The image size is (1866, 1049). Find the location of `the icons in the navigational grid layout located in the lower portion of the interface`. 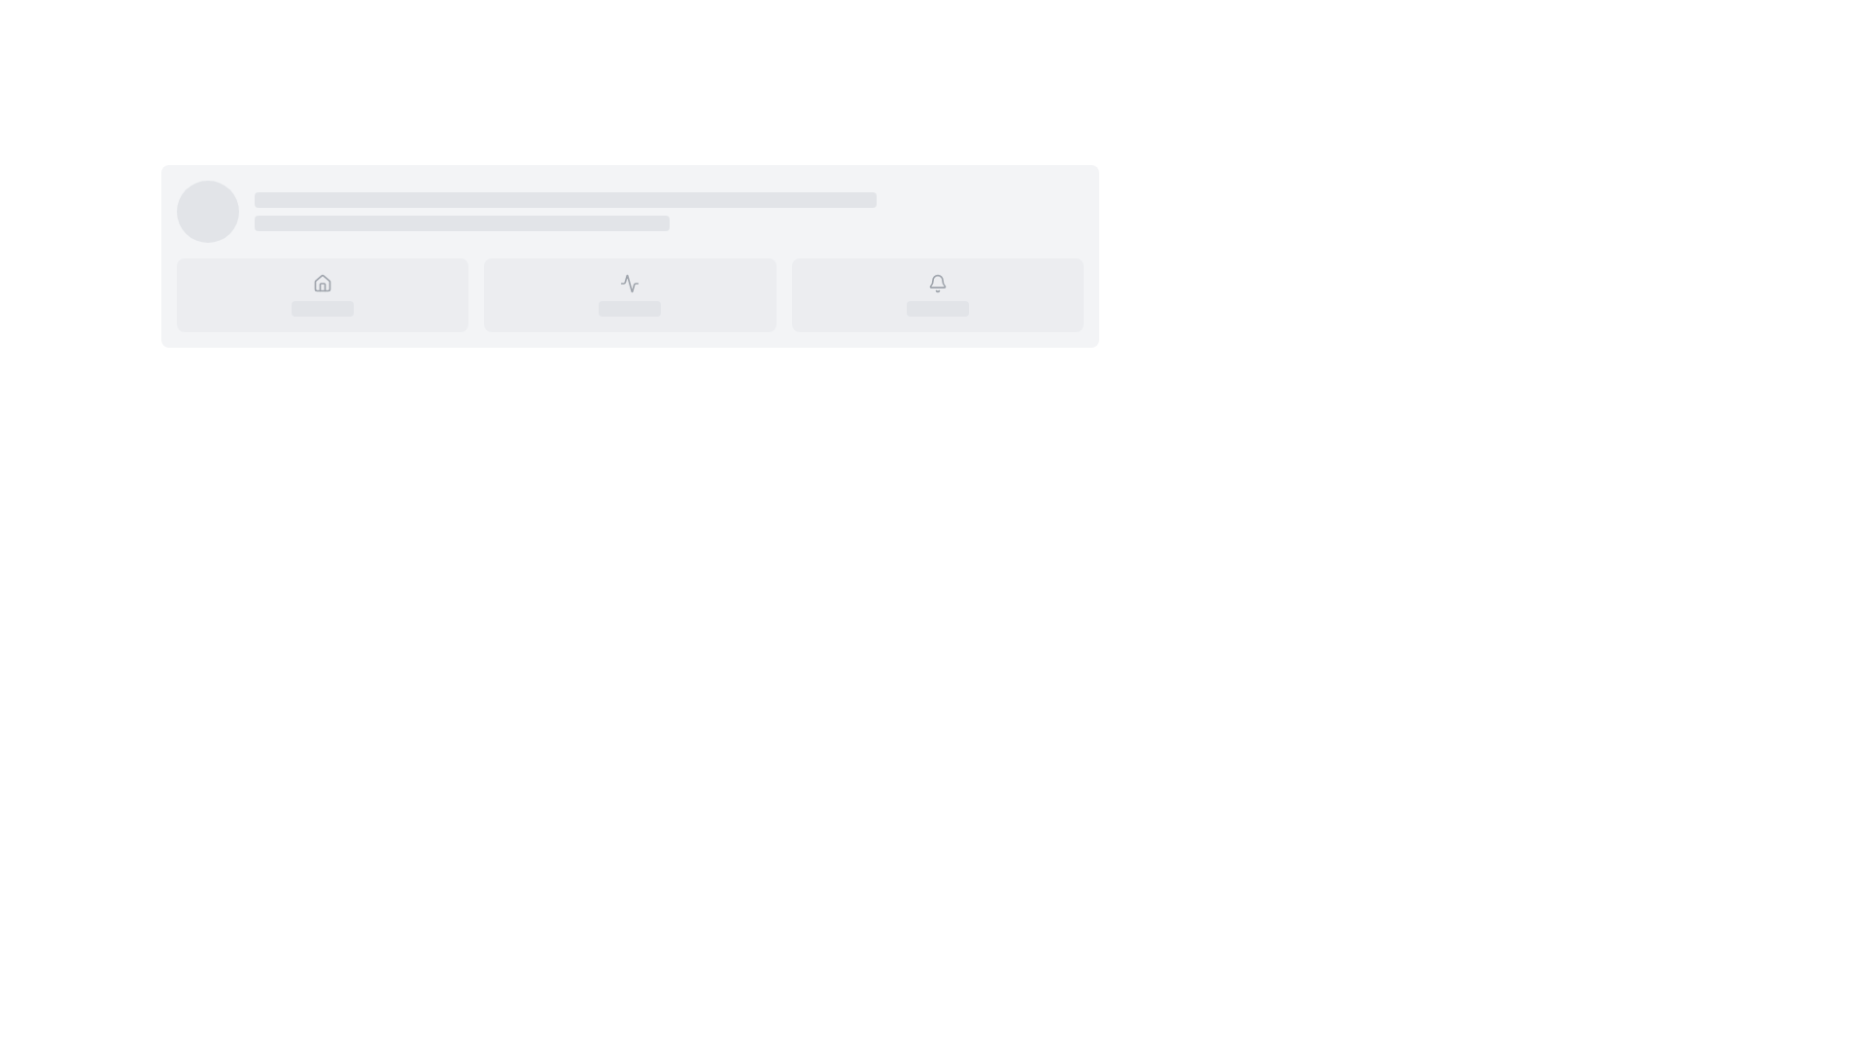

the icons in the navigational grid layout located in the lower portion of the interface is located at coordinates (630, 295).